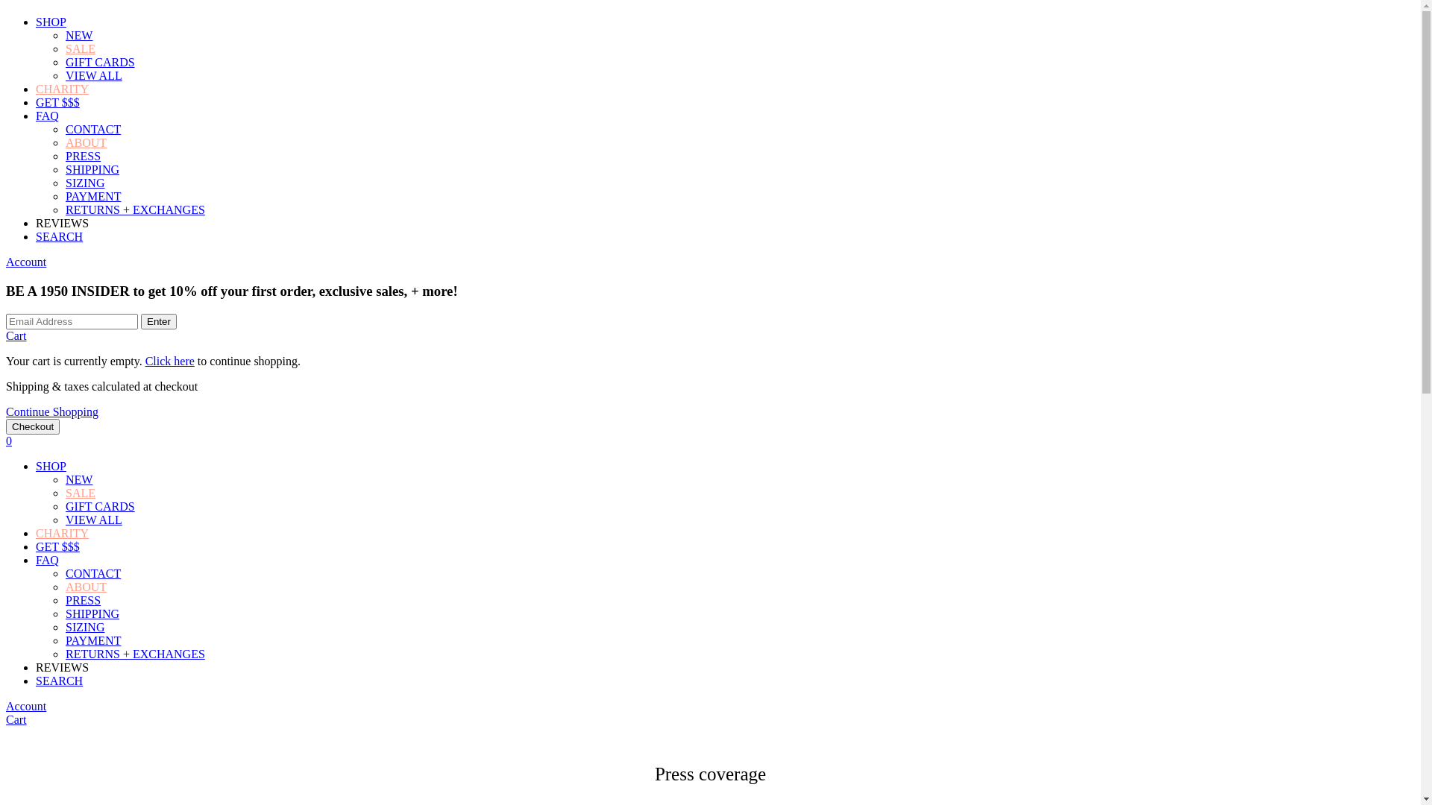  I want to click on 'Checkout', so click(6, 426).